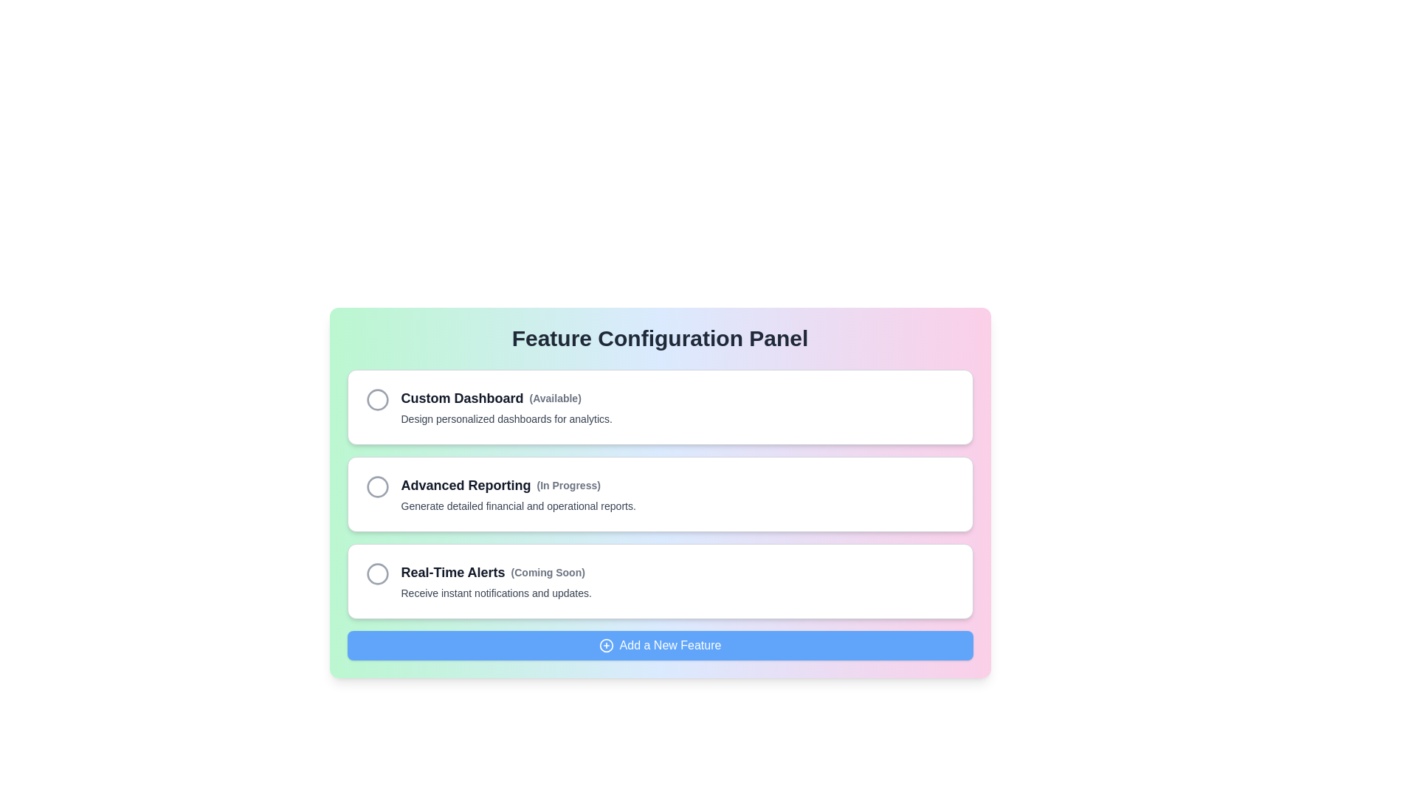 The image size is (1417, 797). I want to click on the text element that reads 'Receive instant notifications and updates.' located directly beneath the title 'Real-Time Alerts (Coming Soon)', so click(496, 592).